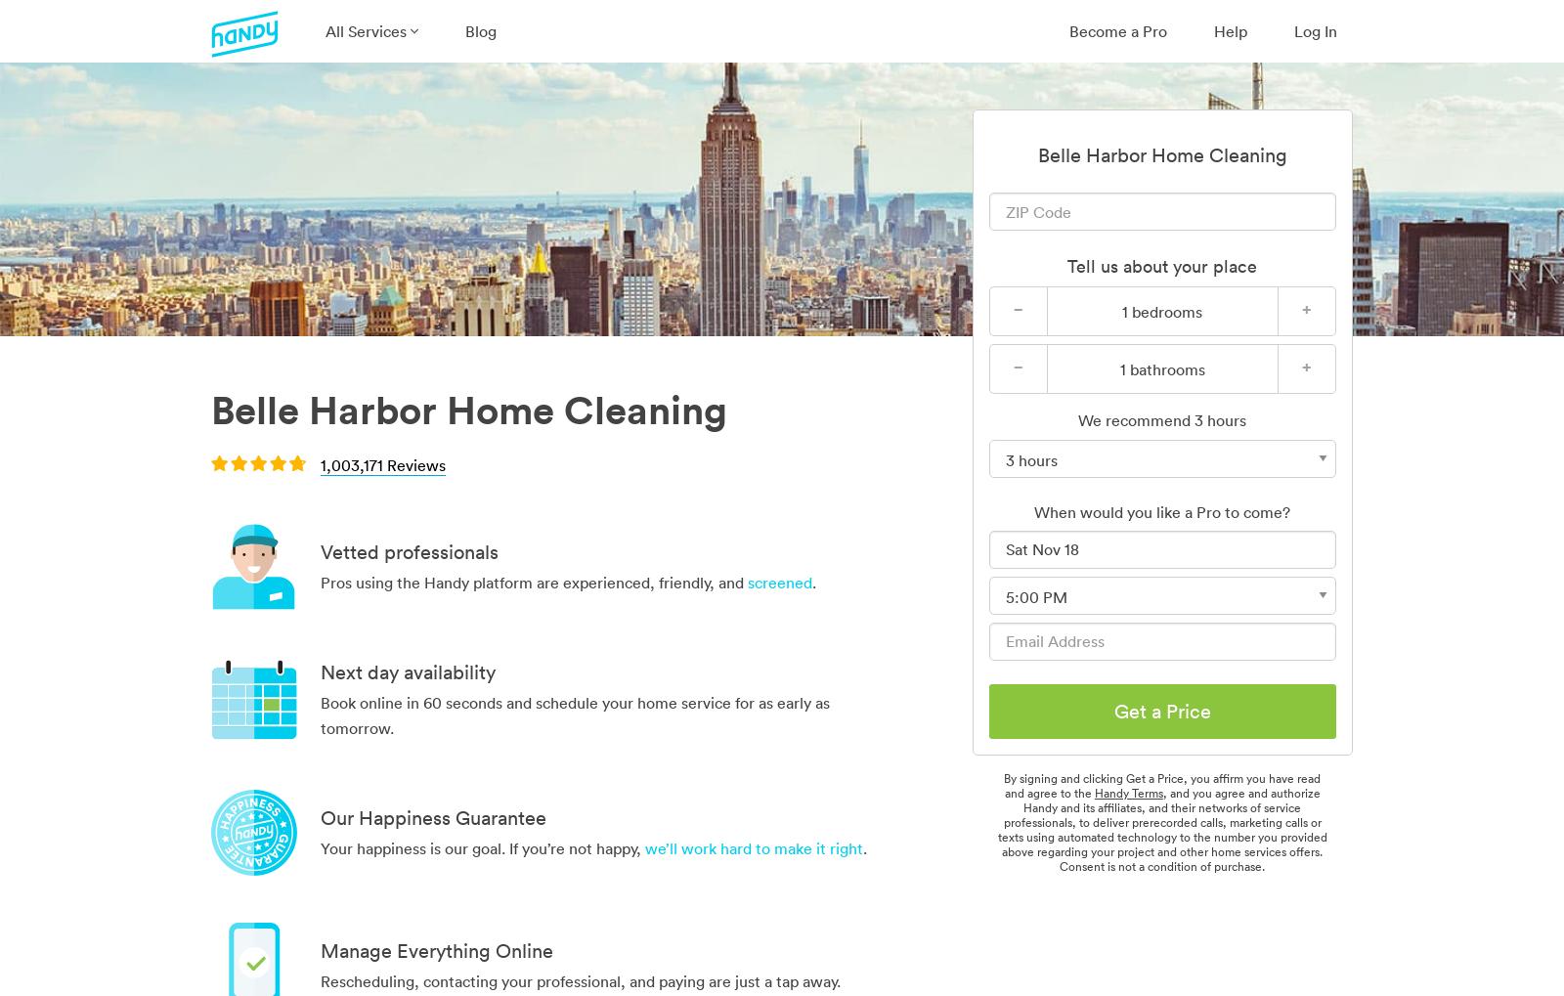 The width and height of the screenshot is (1564, 996). Describe the element at coordinates (1161, 420) in the screenshot. I see `'We recommend 3 hours'` at that location.